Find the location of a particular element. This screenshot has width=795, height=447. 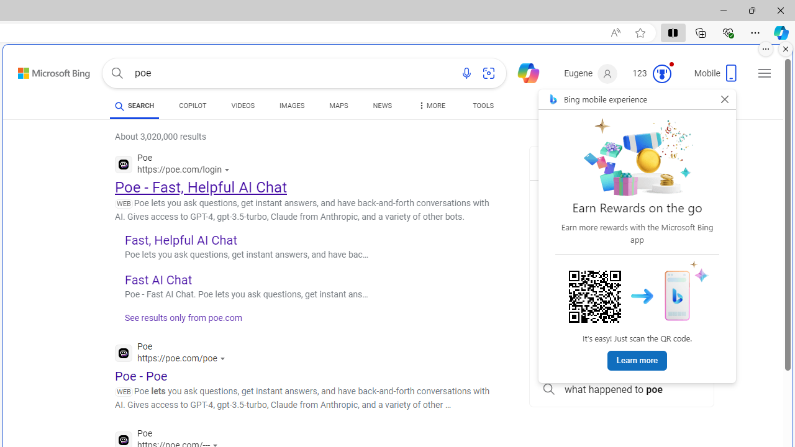

'Actions for this site' is located at coordinates (224, 358).